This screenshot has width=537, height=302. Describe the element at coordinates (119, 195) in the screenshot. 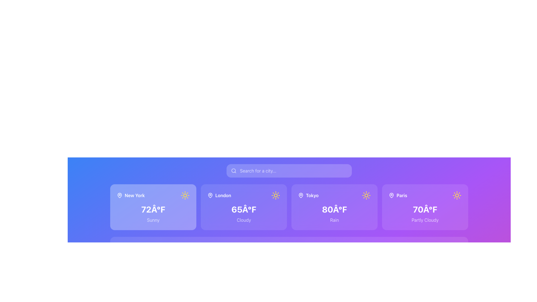

I see `the location icon associated with the 'New York' card, which is positioned in the top-left section of the card, to indicate its relevance to the location` at that location.